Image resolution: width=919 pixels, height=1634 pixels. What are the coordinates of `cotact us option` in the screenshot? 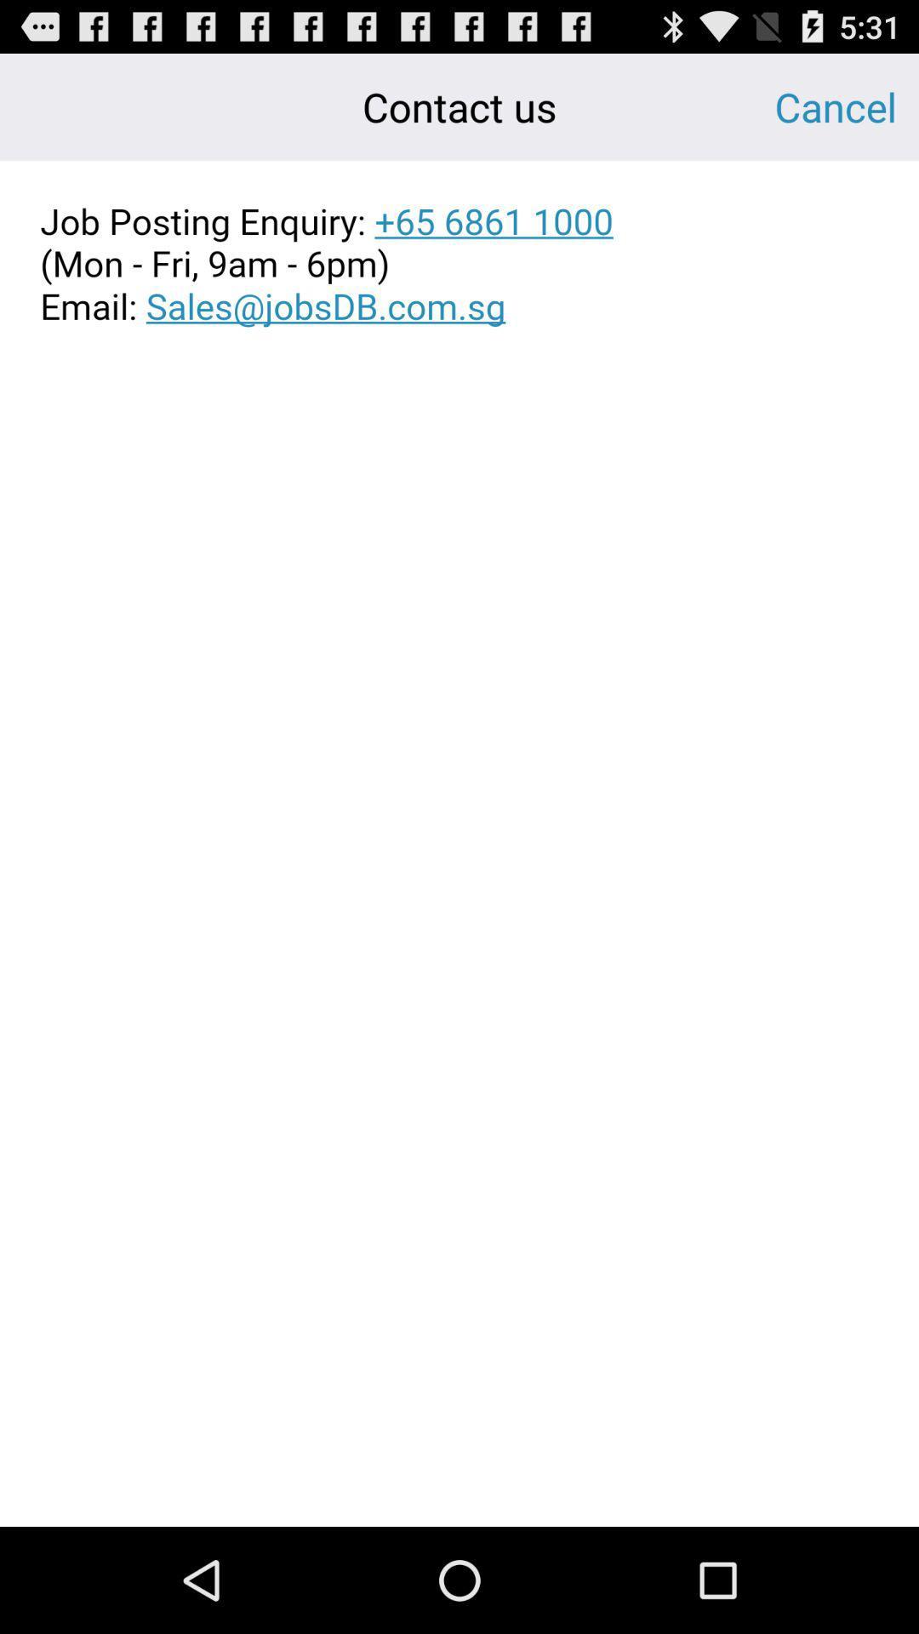 It's located at (459, 263).